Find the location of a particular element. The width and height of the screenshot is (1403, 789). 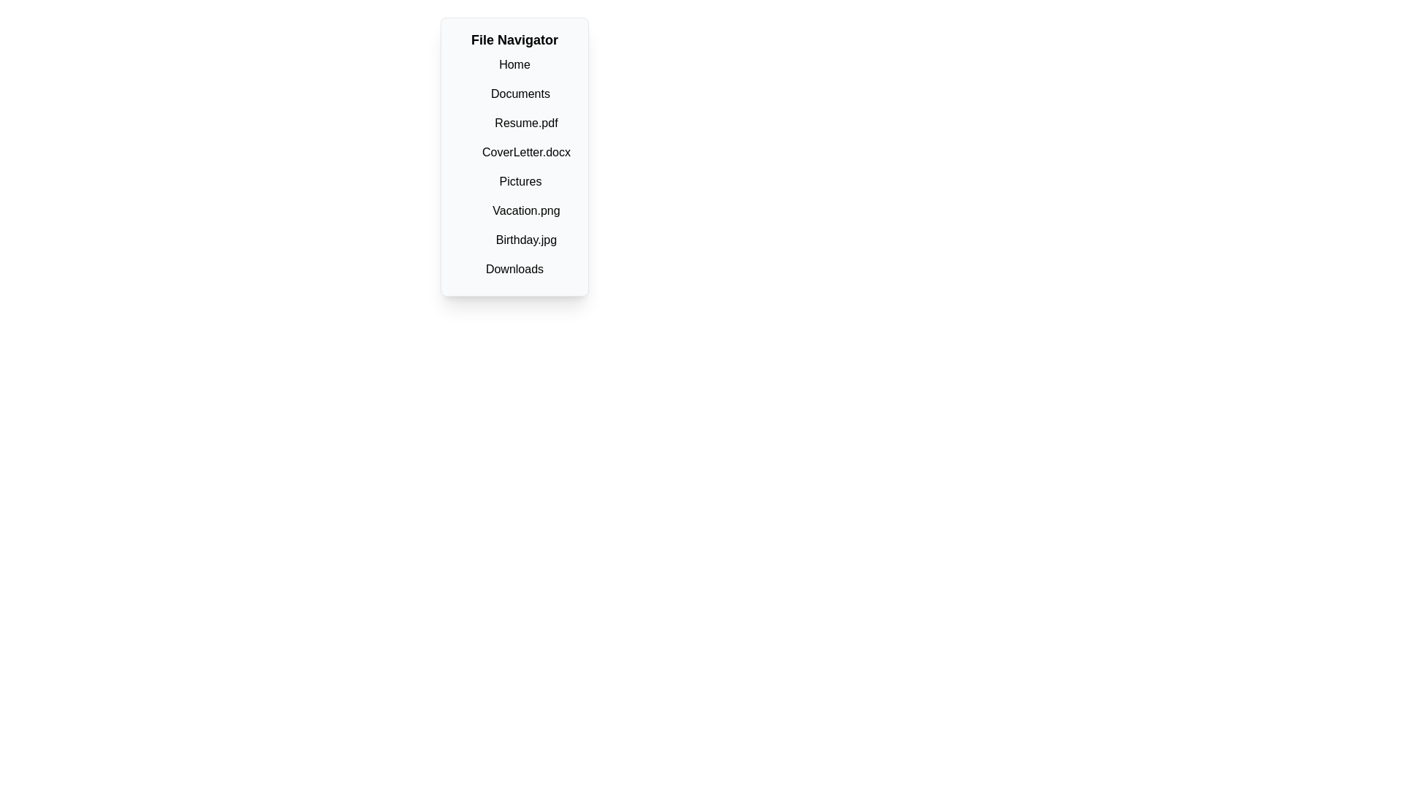

the text label and selectable list item for 'CoverLetter.docx' is located at coordinates (526, 152).